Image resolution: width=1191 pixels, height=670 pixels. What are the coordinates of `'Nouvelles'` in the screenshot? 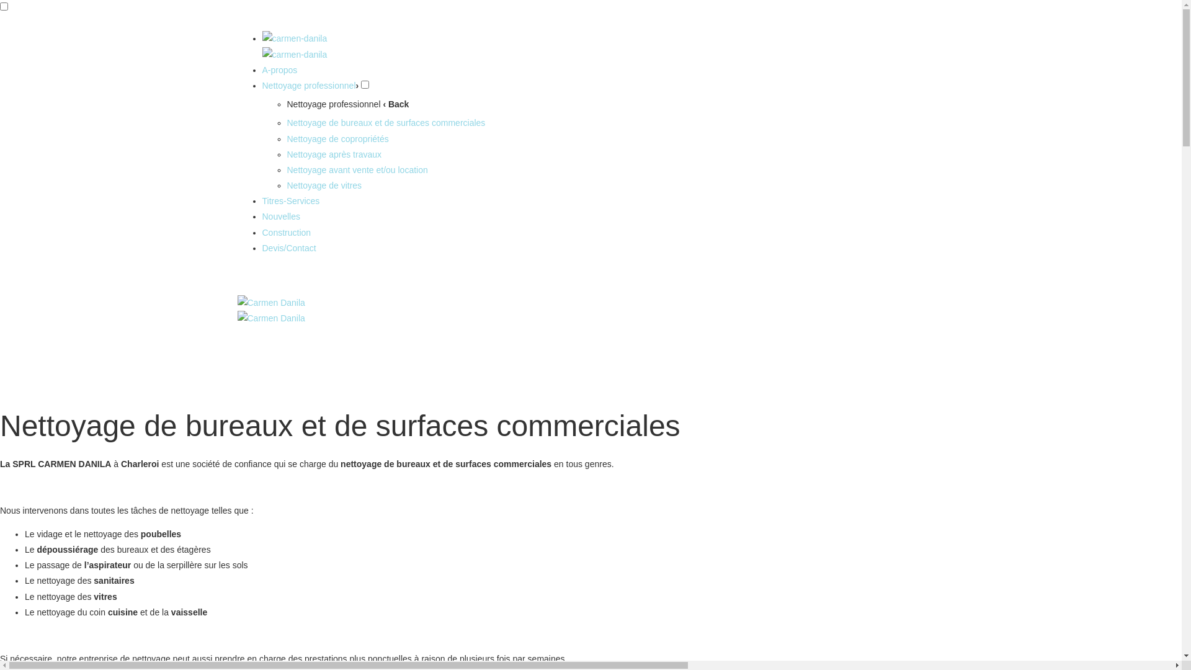 It's located at (261, 215).